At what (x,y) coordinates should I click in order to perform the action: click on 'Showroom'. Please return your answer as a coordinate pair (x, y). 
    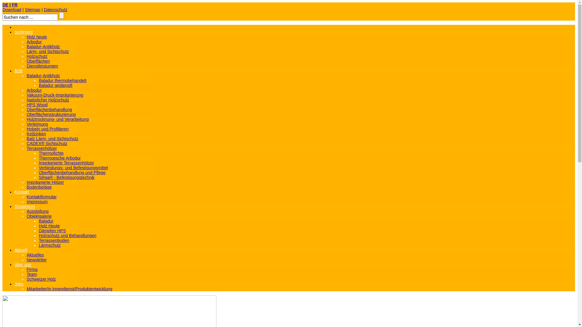
    Looking at the image, I should click on (24, 206).